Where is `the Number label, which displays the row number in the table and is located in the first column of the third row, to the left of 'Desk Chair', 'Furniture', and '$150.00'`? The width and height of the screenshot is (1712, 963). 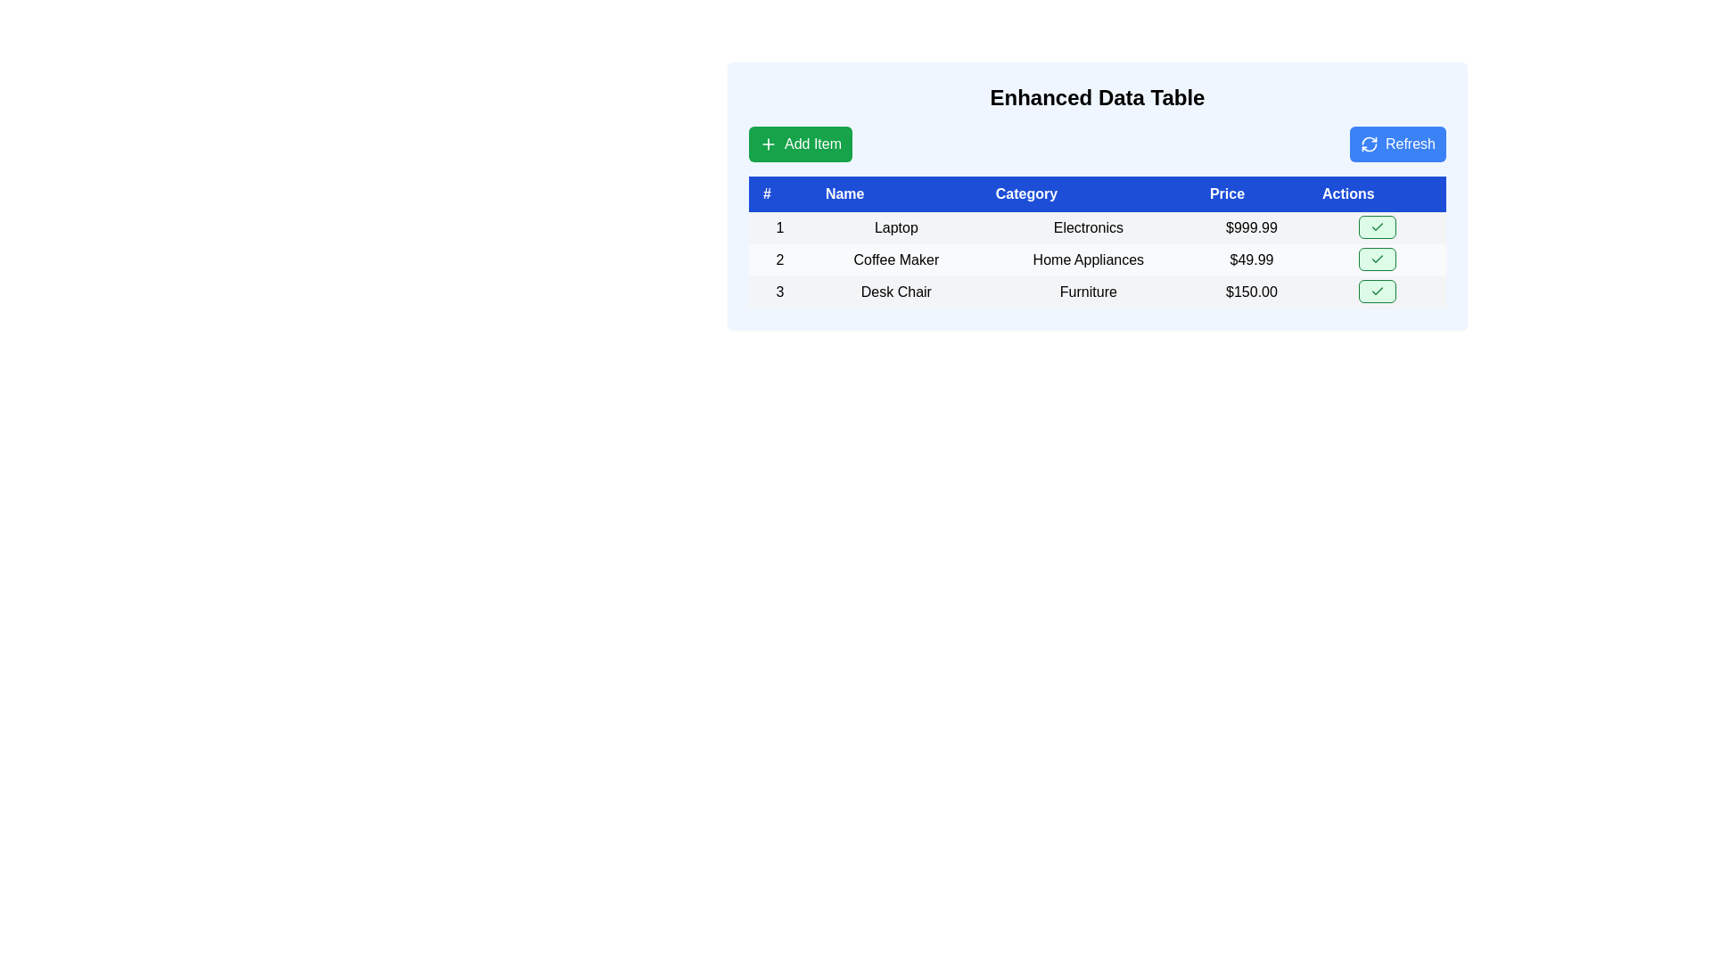
the Number label, which displays the row number in the table and is located in the first column of the third row, to the left of 'Desk Chair', 'Furniture', and '$150.00' is located at coordinates (779, 291).